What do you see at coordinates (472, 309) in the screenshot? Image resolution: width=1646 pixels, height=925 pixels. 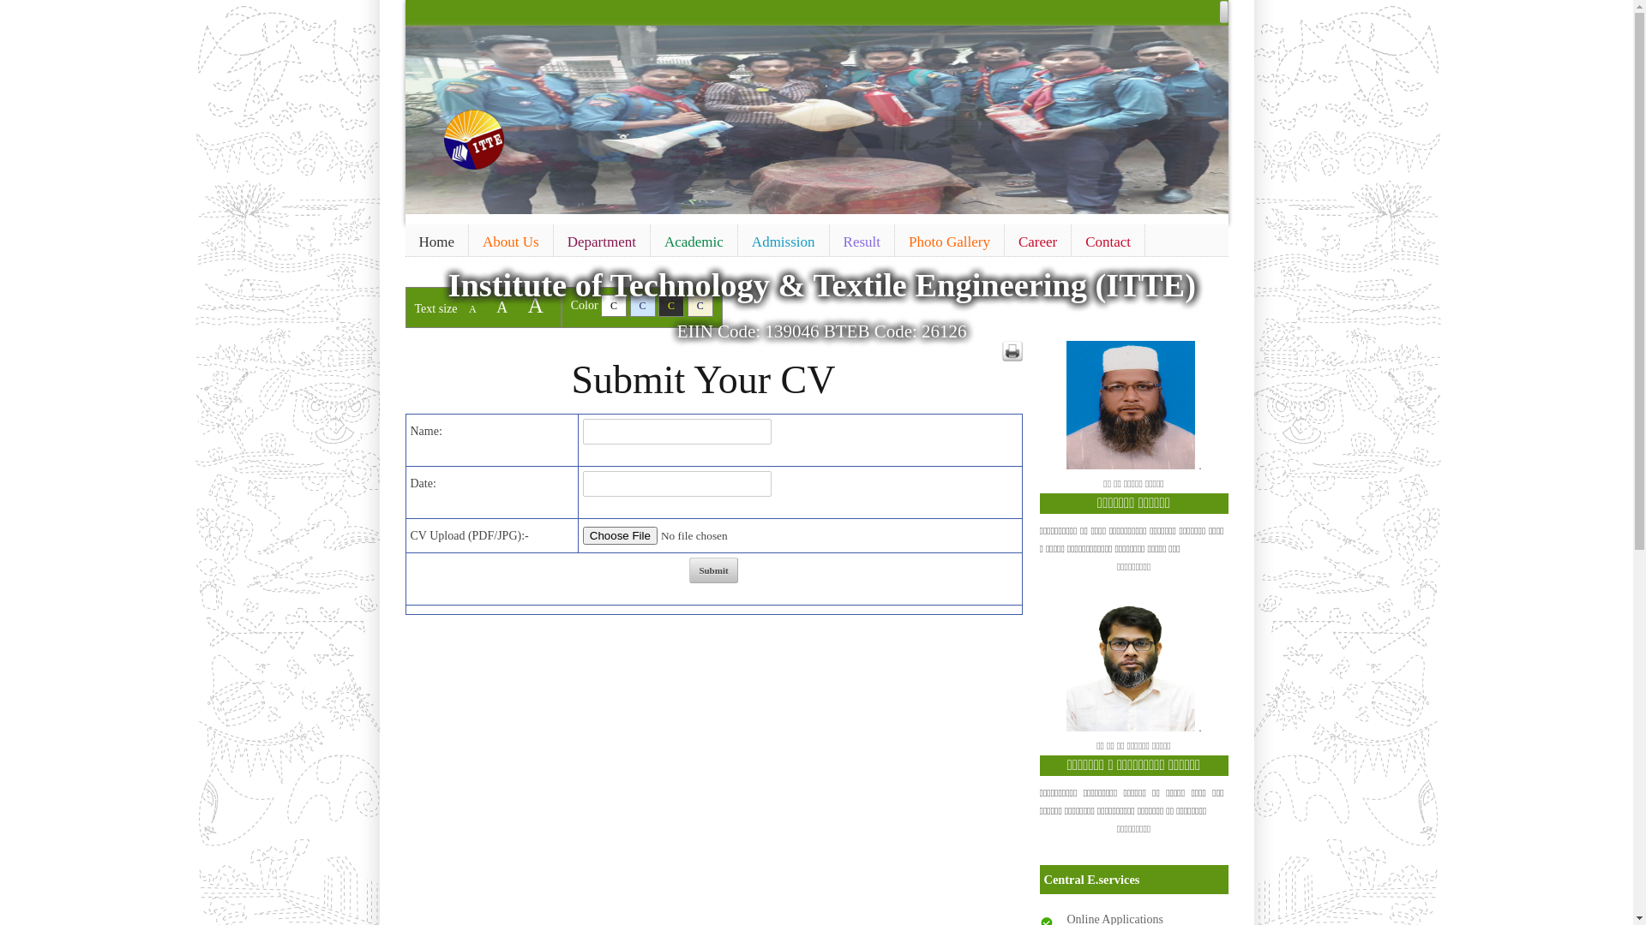 I see `'A'` at bounding box center [472, 309].